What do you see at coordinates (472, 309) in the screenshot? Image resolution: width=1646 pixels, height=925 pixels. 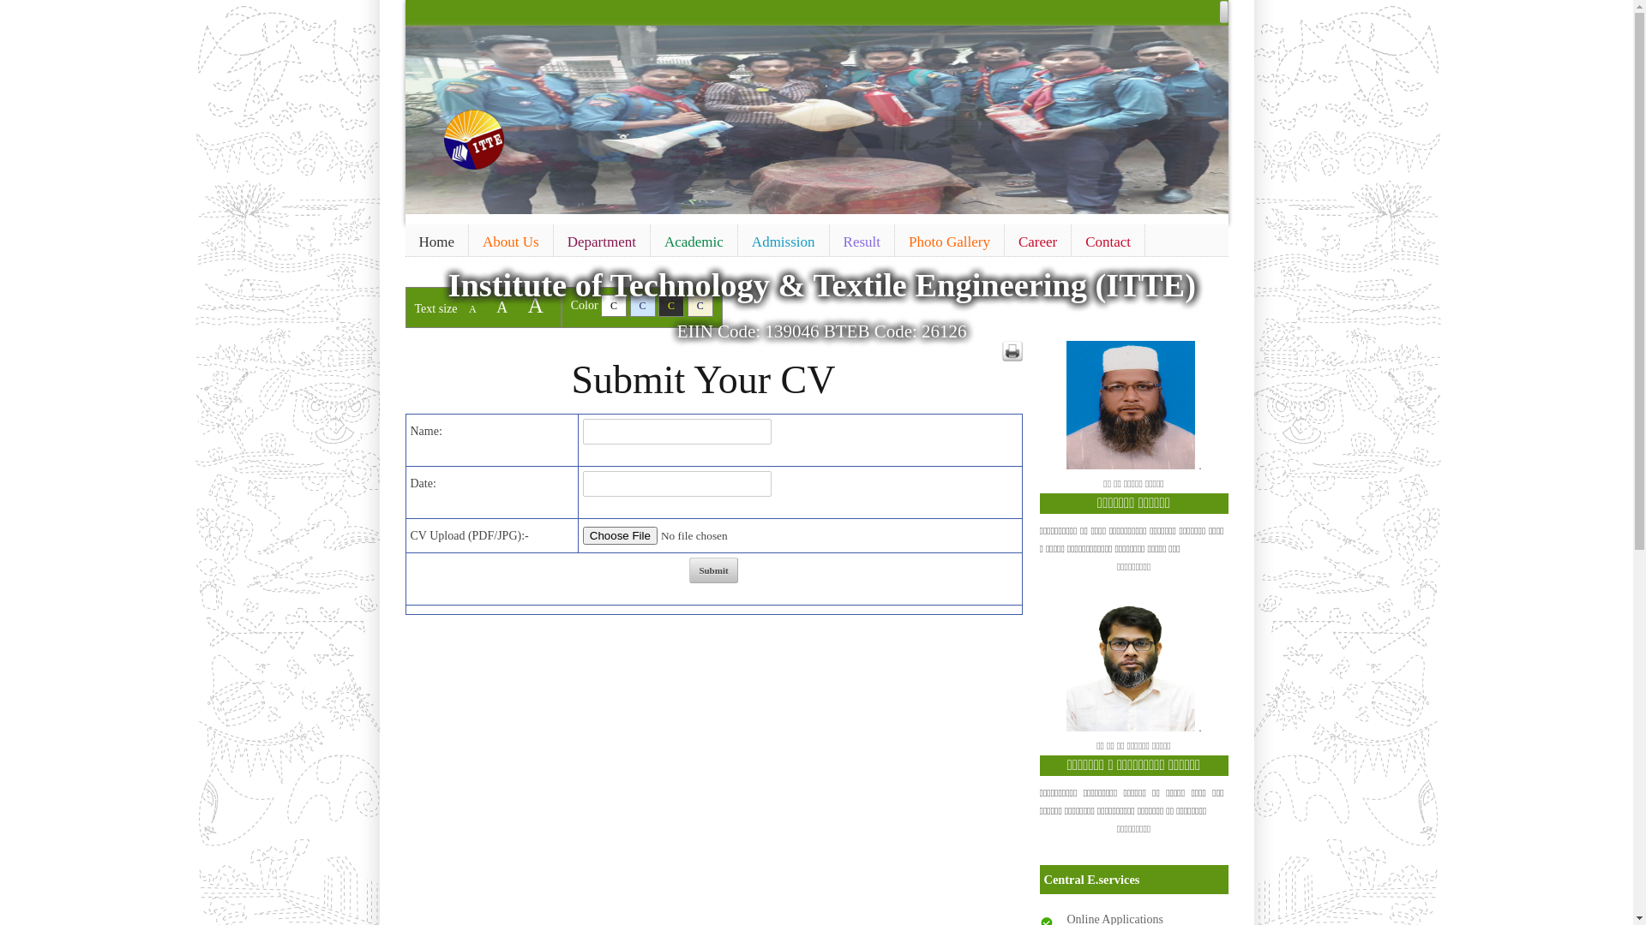 I see `'A'` at bounding box center [472, 309].